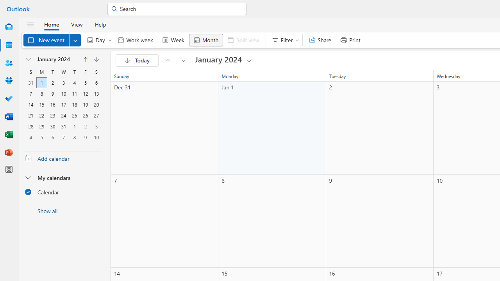 Image resolution: width=500 pixels, height=281 pixels. I want to click on '1, January, 2024', so click(41, 83).